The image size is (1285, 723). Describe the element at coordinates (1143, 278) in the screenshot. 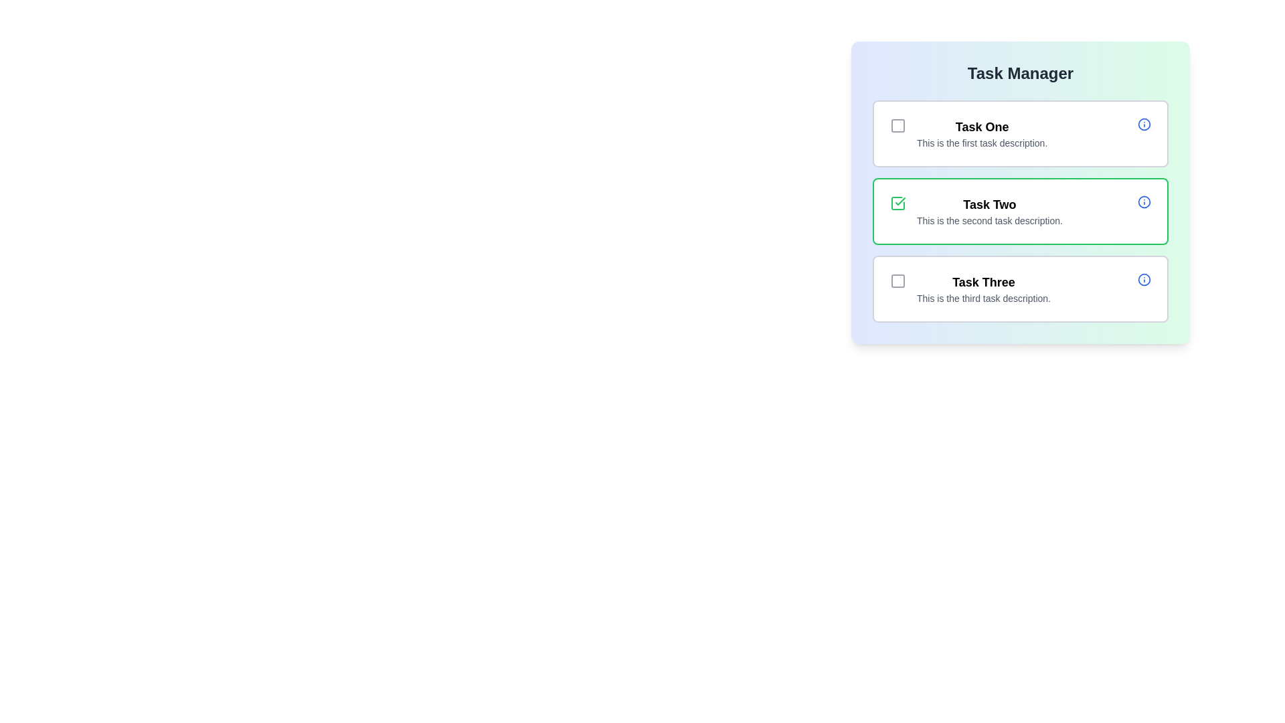

I see `the circular graphical icon with a blue border, which is part of the 'info' icon group and located to the right of the task title and description` at that location.